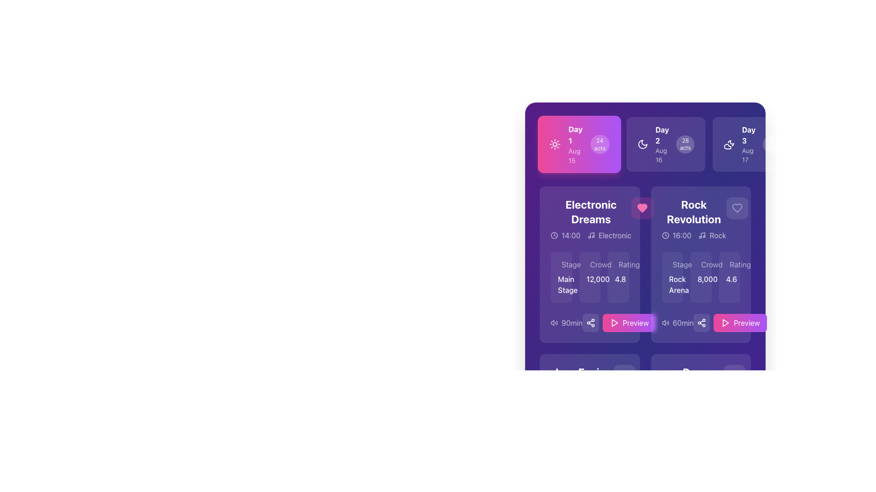 This screenshot has height=492, width=876. Describe the element at coordinates (589, 219) in the screenshot. I see `displayed text from the Text block that shows the title and key details of the event, positioned at the top-left corner of its purple card` at that location.